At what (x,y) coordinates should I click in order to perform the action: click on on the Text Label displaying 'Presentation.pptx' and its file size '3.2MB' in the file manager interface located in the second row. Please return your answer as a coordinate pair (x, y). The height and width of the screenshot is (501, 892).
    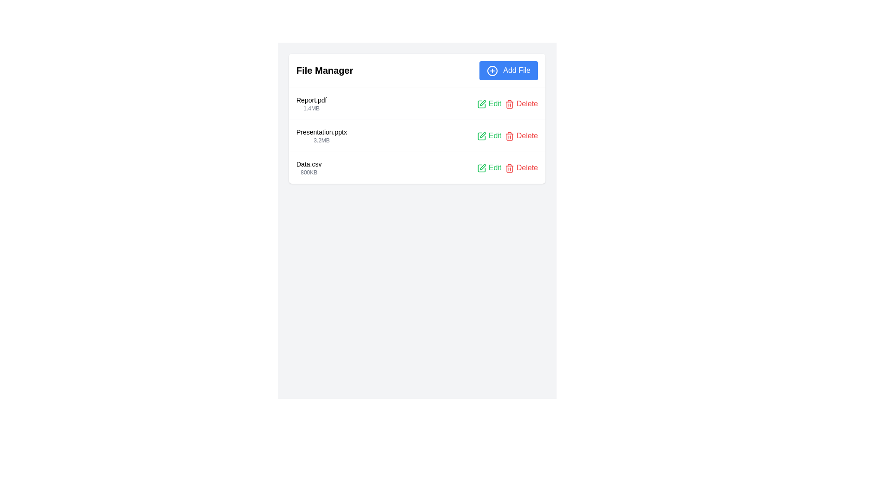
    Looking at the image, I should click on (321, 135).